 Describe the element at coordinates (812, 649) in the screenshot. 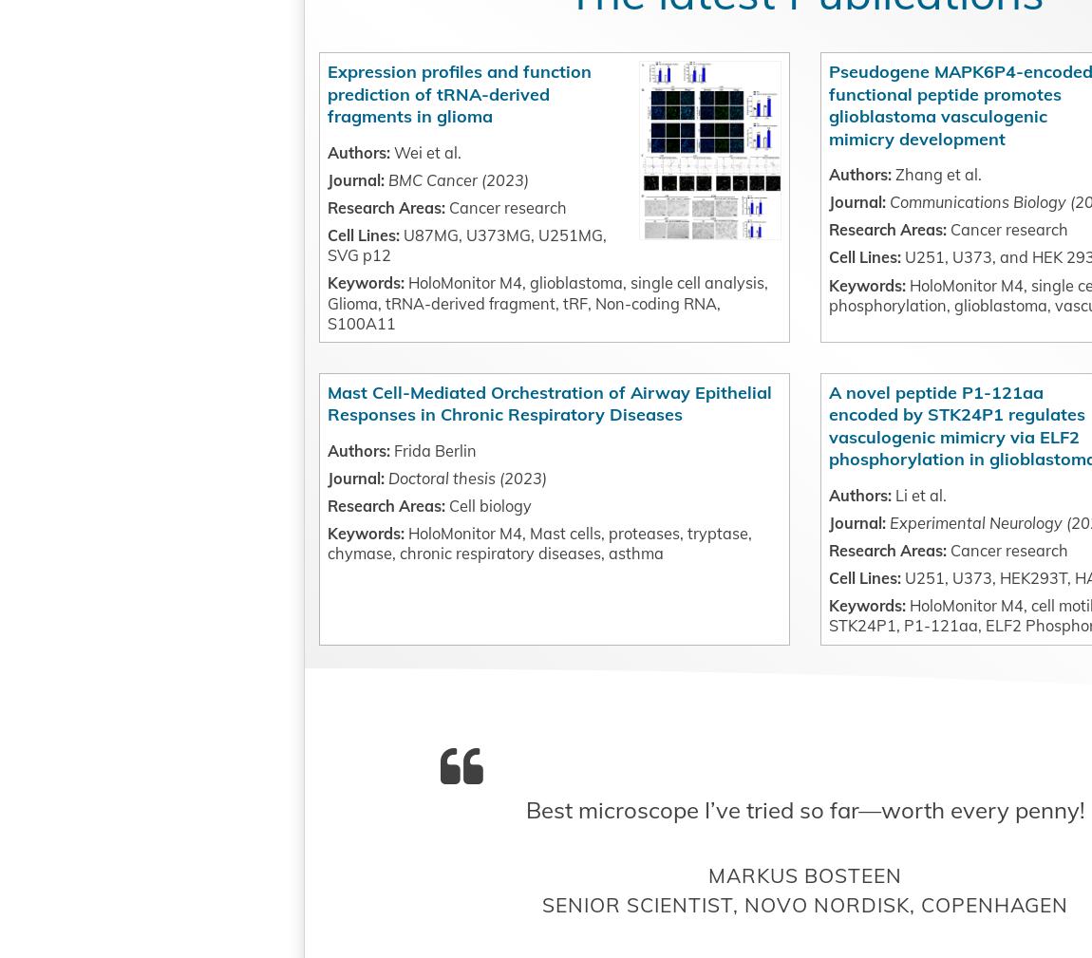

I see `'Li et al.'` at that location.